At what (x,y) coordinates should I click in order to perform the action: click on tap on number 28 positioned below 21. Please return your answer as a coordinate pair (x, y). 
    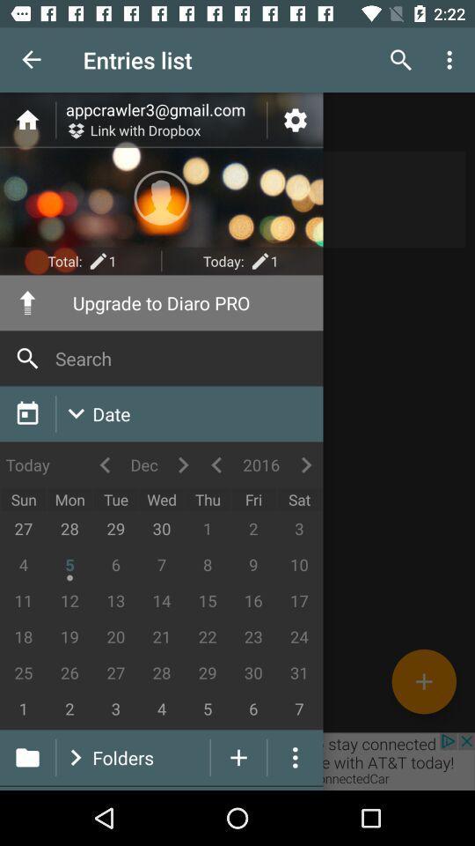
    Looking at the image, I should click on (162, 673).